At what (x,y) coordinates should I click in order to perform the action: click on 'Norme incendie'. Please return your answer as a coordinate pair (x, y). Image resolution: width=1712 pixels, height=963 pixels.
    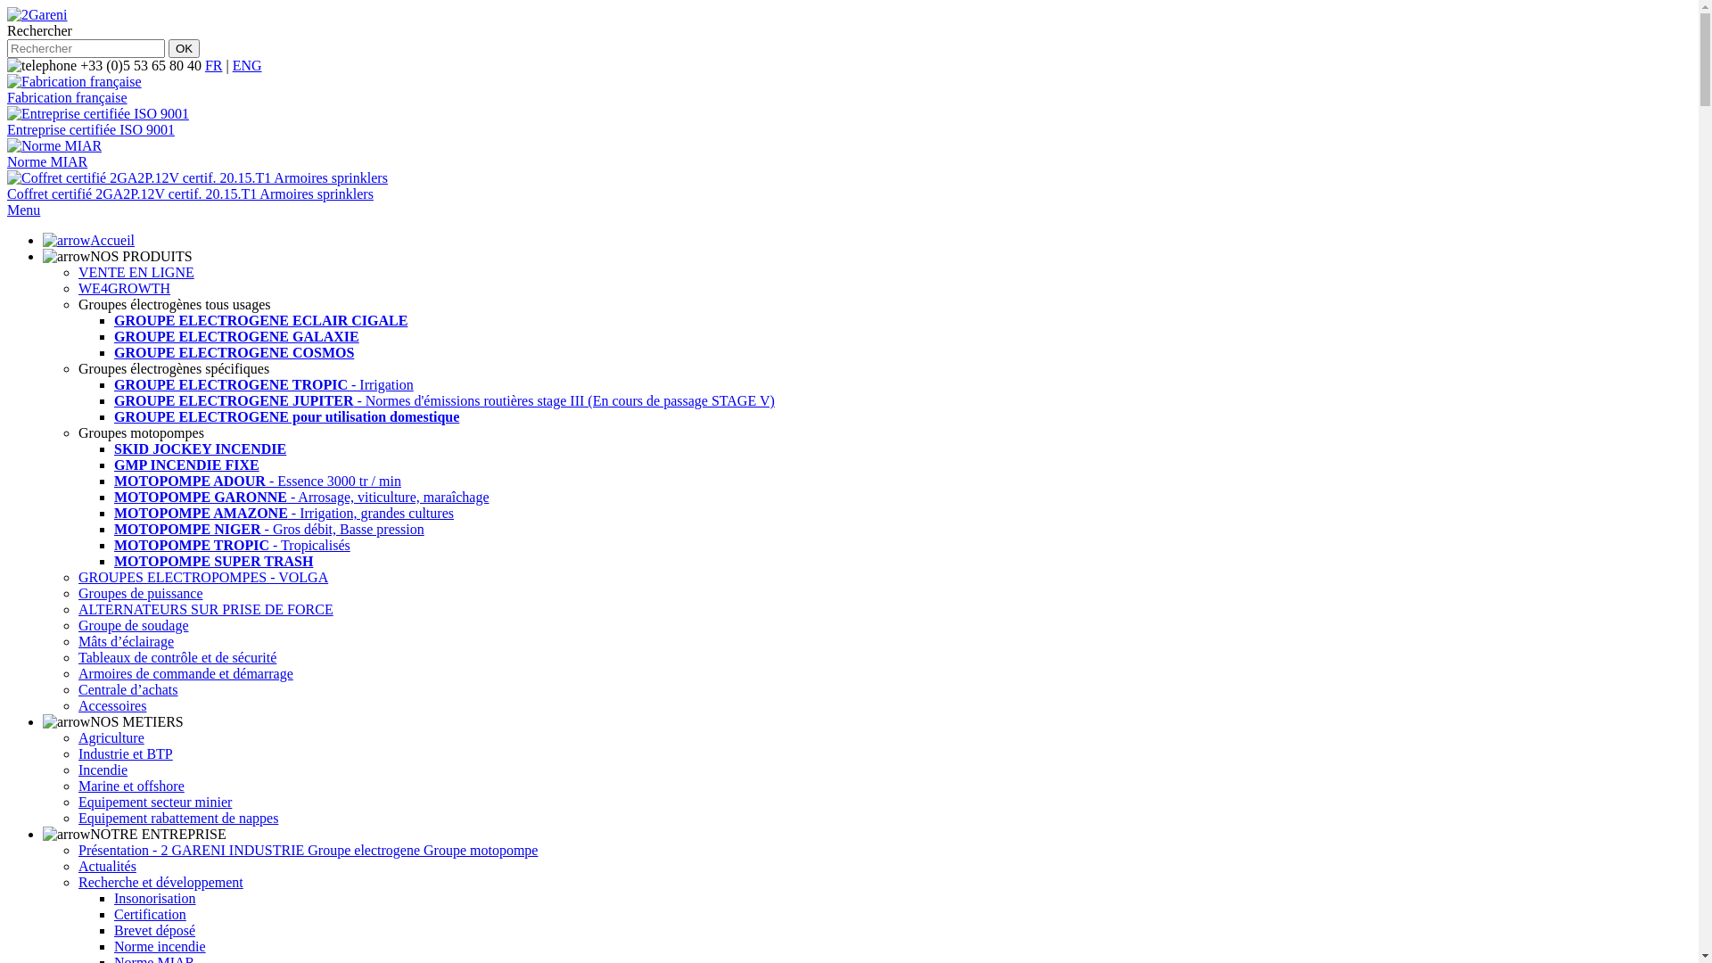
    Looking at the image, I should click on (113, 945).